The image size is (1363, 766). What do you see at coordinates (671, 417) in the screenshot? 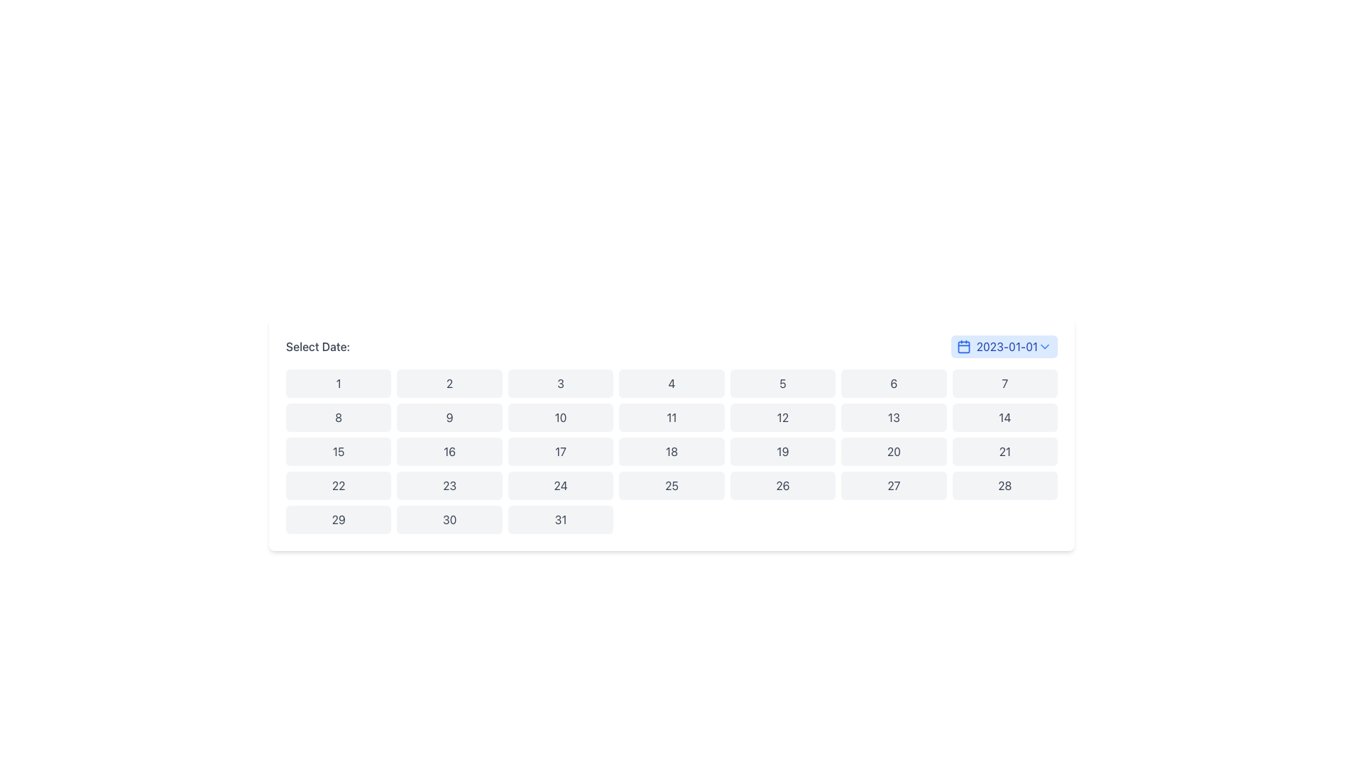
I see `the interactive button for selecting the number '11' in the date picker or calendar interface, which is the 4th item in the second row of a 7-column grid` at bounding box center [671, 417].